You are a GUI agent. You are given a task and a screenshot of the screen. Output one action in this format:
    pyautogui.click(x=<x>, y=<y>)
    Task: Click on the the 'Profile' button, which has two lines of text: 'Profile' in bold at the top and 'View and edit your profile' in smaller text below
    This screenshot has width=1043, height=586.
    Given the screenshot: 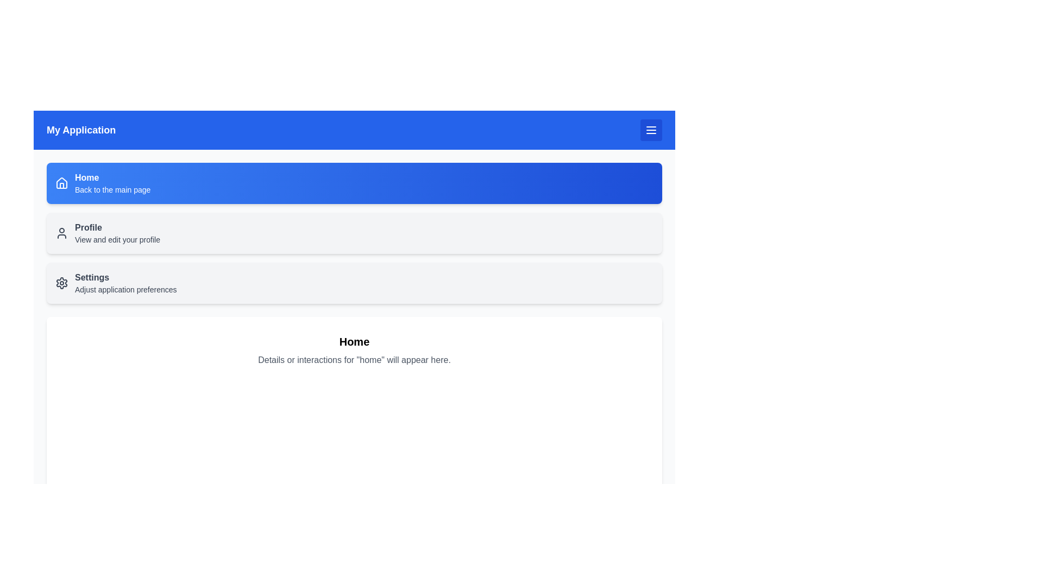 What is the action you would take?
    pyautogui.click(x=117, y=232)
    